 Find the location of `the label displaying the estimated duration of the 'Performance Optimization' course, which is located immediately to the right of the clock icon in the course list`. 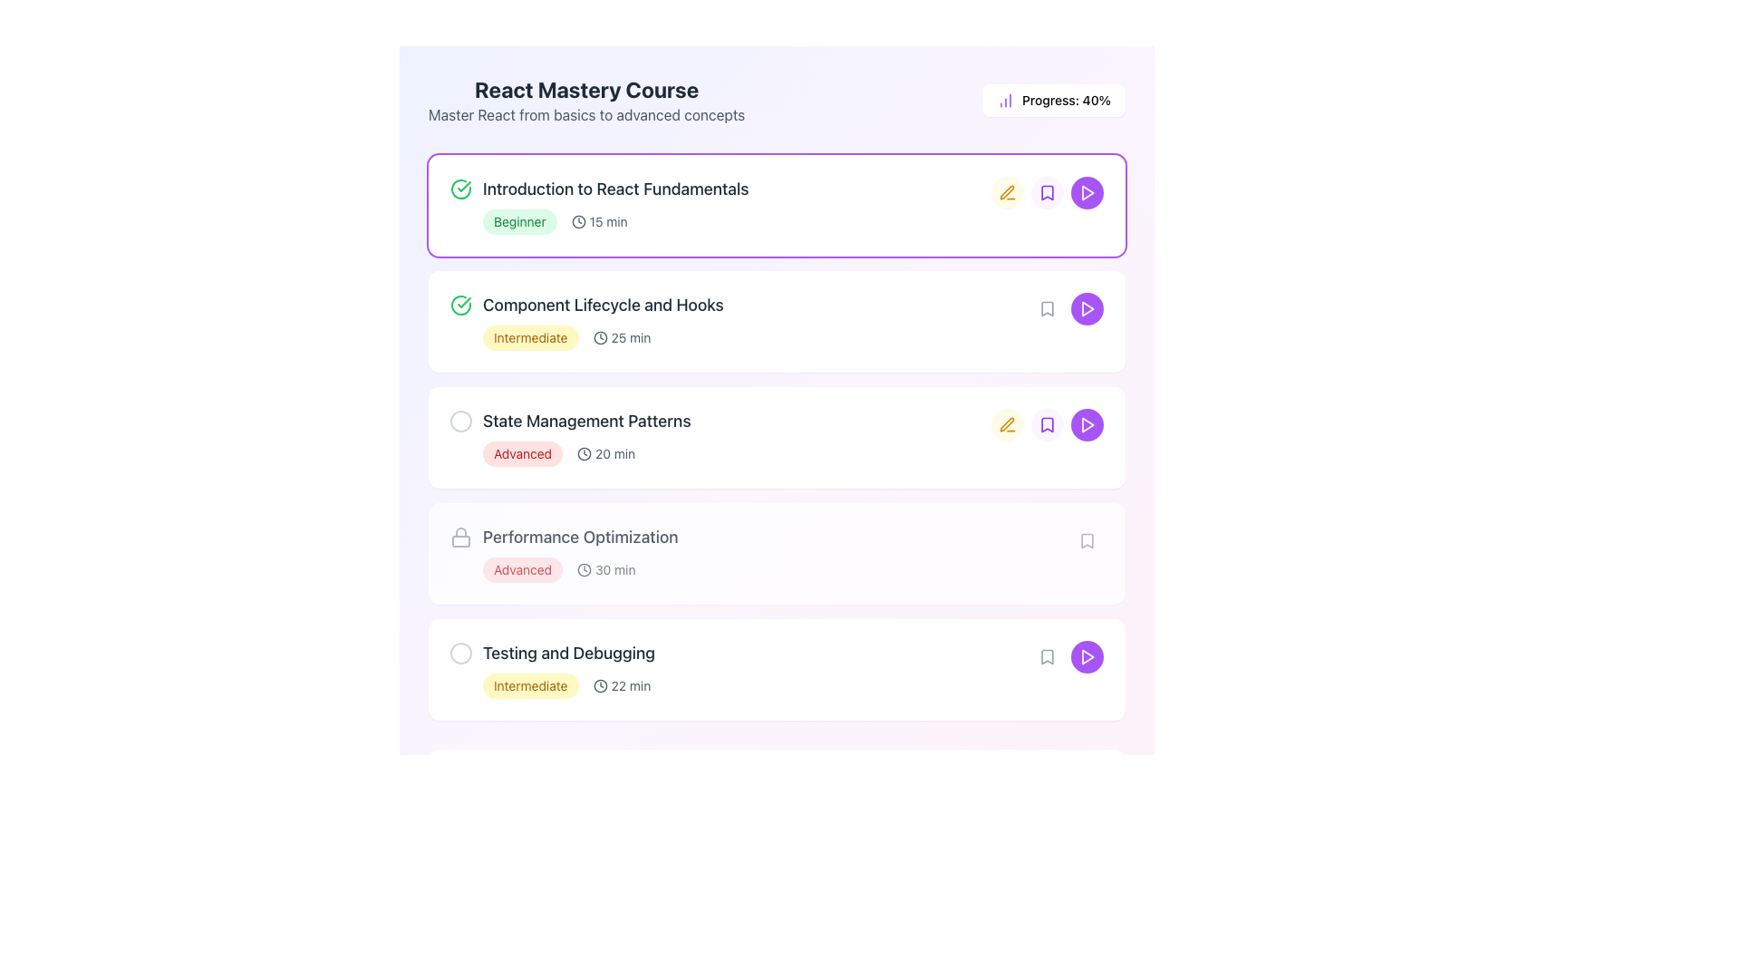

the label displaying the estimated duration of the 'Performance Optimization' course, which is located immediately to the right of the clock icon in the course list is located at coordinates (615, 568).